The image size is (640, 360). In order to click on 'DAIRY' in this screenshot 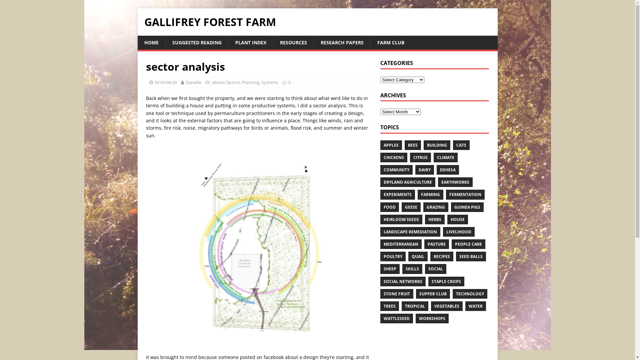, I will do `click(415, 169)`.